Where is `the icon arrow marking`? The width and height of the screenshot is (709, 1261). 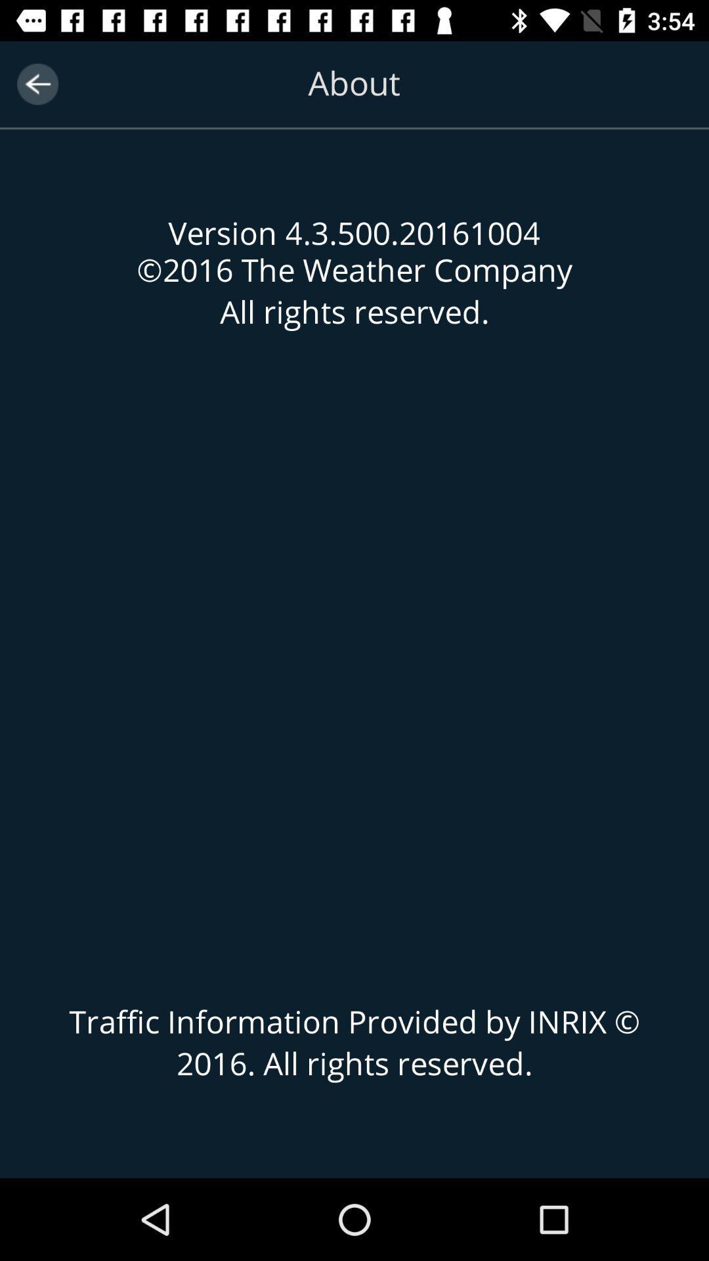 the icon arrow marking is located at coordinates (37, 83).